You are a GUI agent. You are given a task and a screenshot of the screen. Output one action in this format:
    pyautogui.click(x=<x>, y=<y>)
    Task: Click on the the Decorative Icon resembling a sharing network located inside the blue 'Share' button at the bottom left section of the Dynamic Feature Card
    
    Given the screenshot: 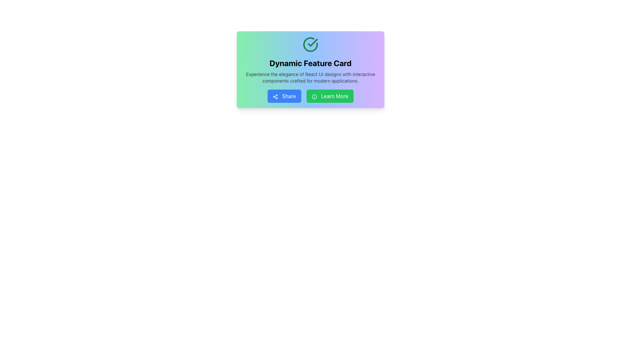 What is the action you would take?
    pyautogui.click(x=275, y=97)
    